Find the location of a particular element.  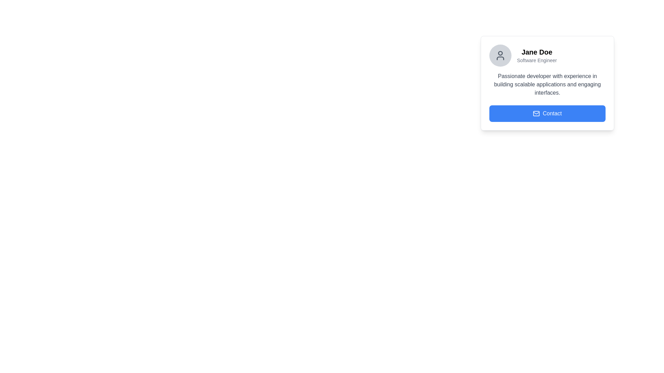

the text display showing 'Jane Doe' and 'Software Engineer', which is positioned in the upper section of a card-like structure is located at coordinates (536, 55).